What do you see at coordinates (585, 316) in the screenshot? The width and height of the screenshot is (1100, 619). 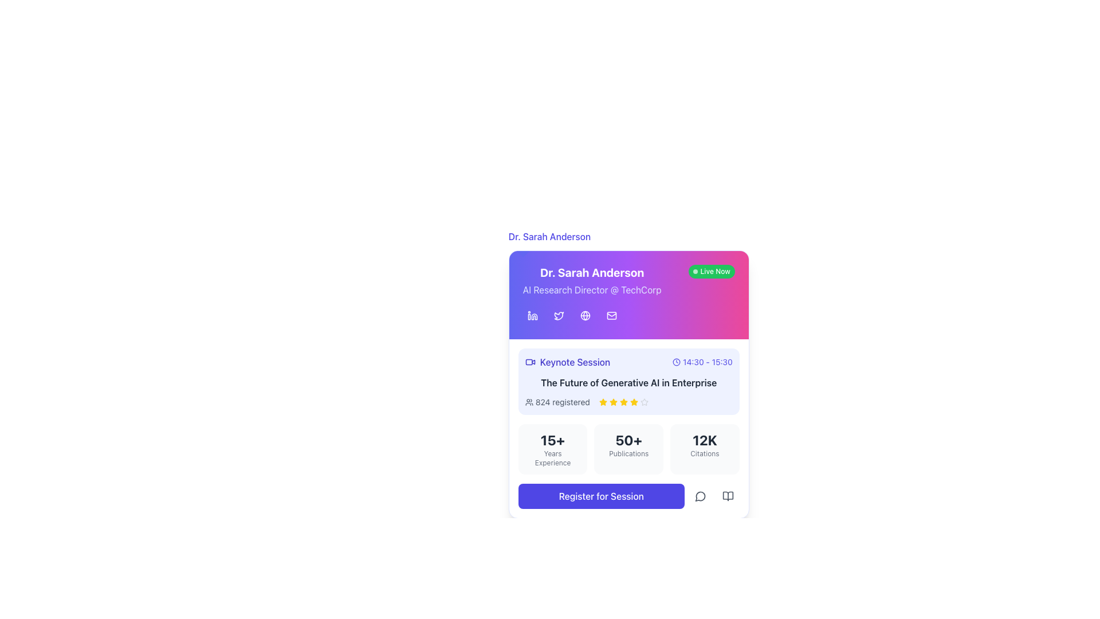 I see `the international icon in the top-left corner of the card` at bounding box center [585, 316].